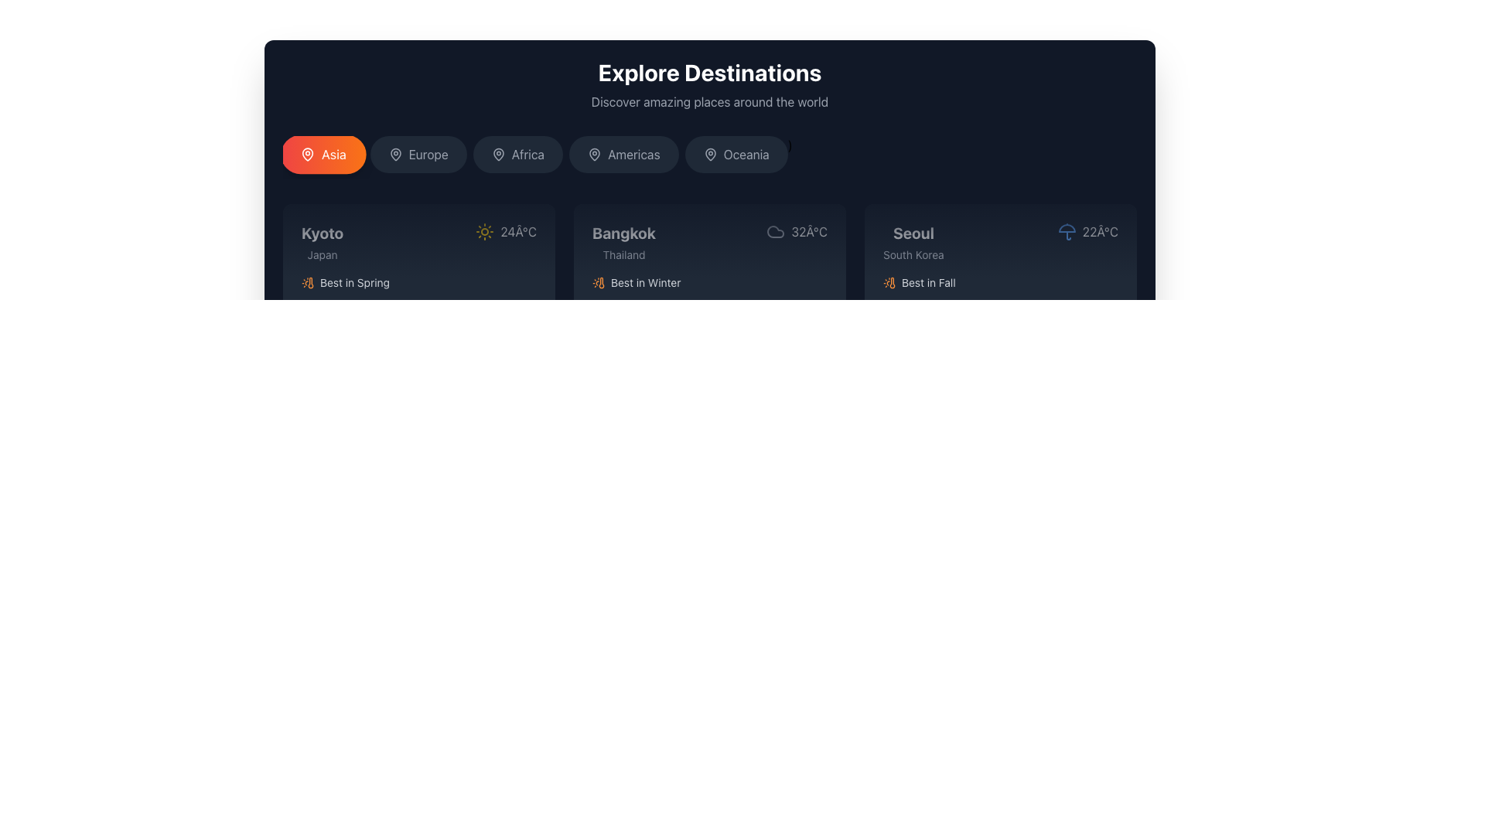 This screenshot has width=1485, height=835. What do you see at coordinates (353, 283) in the screenshot?
I see `text label displaying 'Best in Spring' located in the Kyoto section of the grid layout` at bounding box center [353, 283].